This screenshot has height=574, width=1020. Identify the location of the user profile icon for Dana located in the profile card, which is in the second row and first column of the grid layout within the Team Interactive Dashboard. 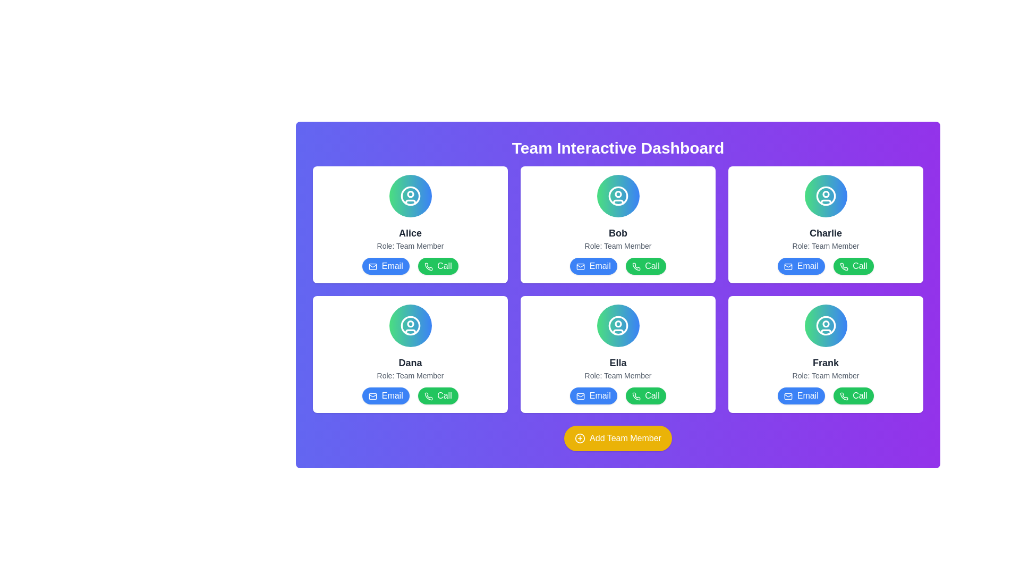
(410, 325).